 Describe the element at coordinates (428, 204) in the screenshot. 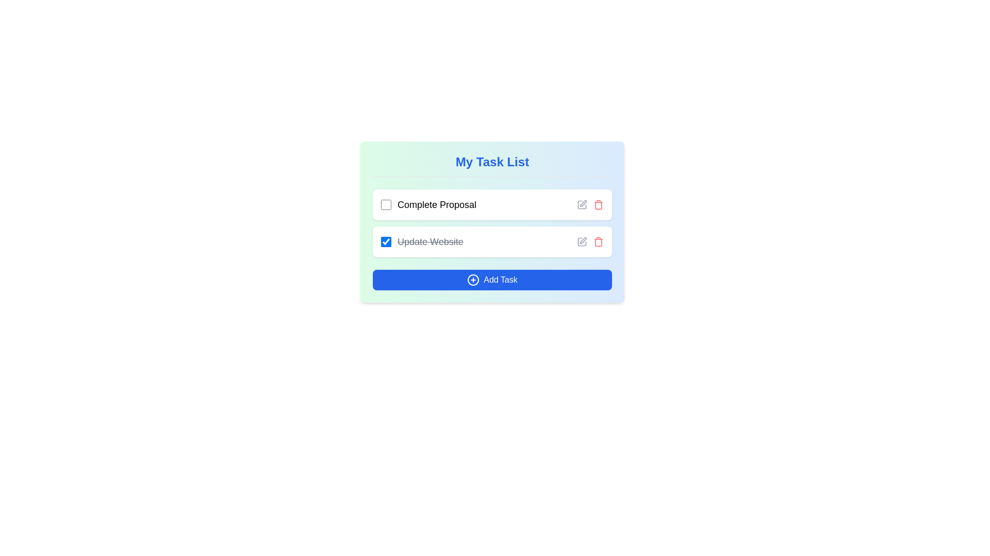

I see `the text label 'Complete Proposal' for information, which is part of a task item with a checkbox located in the task list card` at that location.